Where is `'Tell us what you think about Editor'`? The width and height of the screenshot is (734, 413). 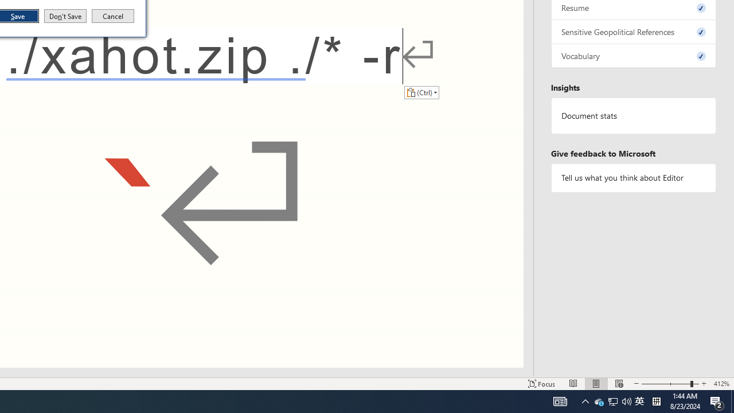
'Tell us what you think about Editor' is located at coordinates (633, 178).